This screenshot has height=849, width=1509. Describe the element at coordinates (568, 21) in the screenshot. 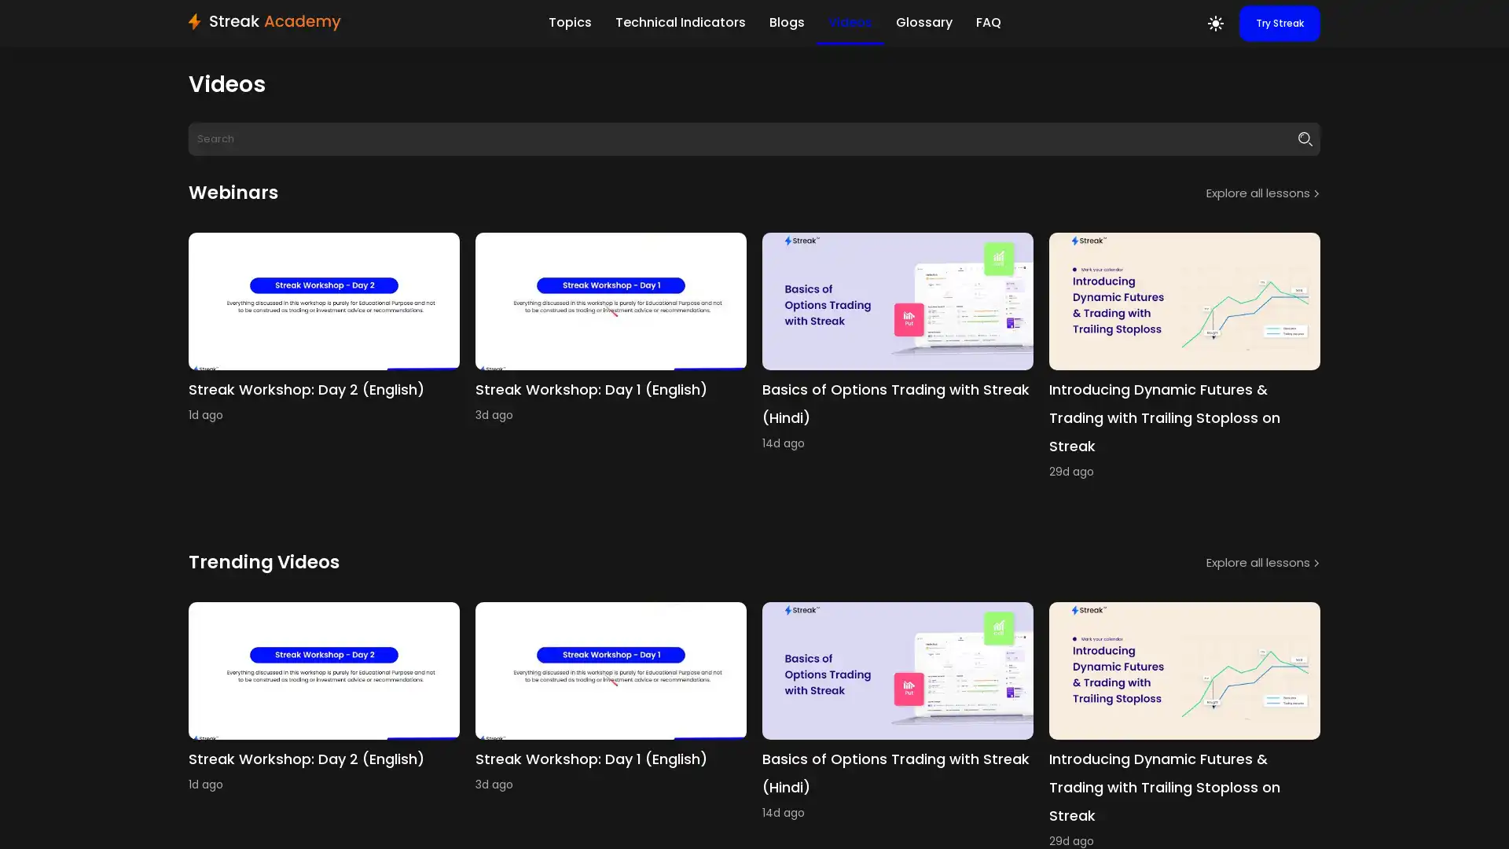

I see `Topics` at that location.